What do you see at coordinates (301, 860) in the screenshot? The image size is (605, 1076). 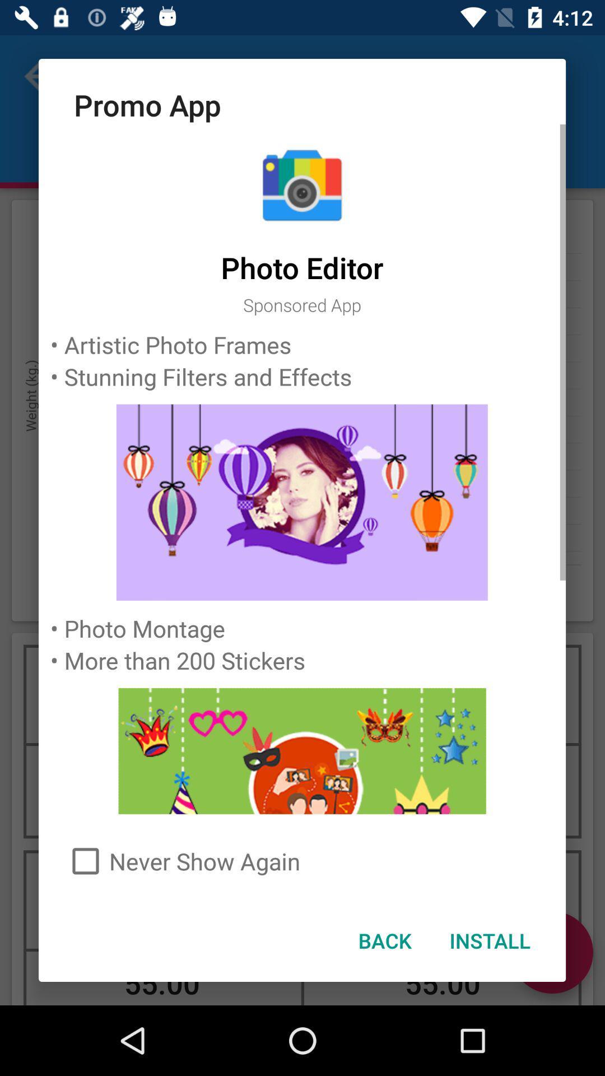 I see `the never show again icon` at bounding box center [301, 860].